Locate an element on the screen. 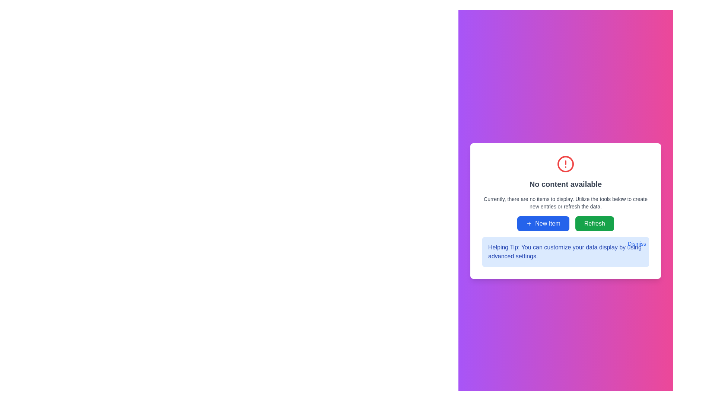 The height and width of the screenshot is (402, 715). the red alert icon located centrally at the top of the dialog box, which is above the headline text 'No content available' is located at coordinates (565, 163).